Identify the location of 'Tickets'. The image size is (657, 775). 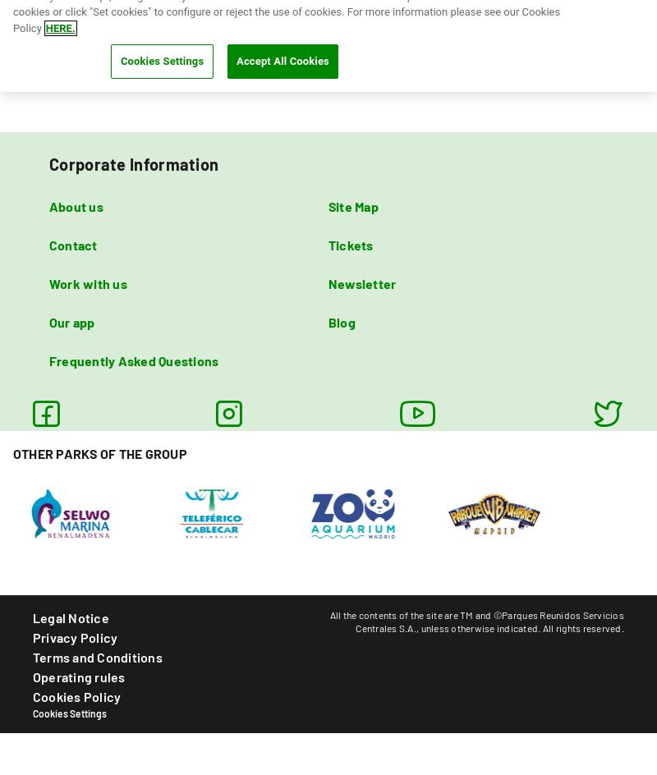
(328, 243).